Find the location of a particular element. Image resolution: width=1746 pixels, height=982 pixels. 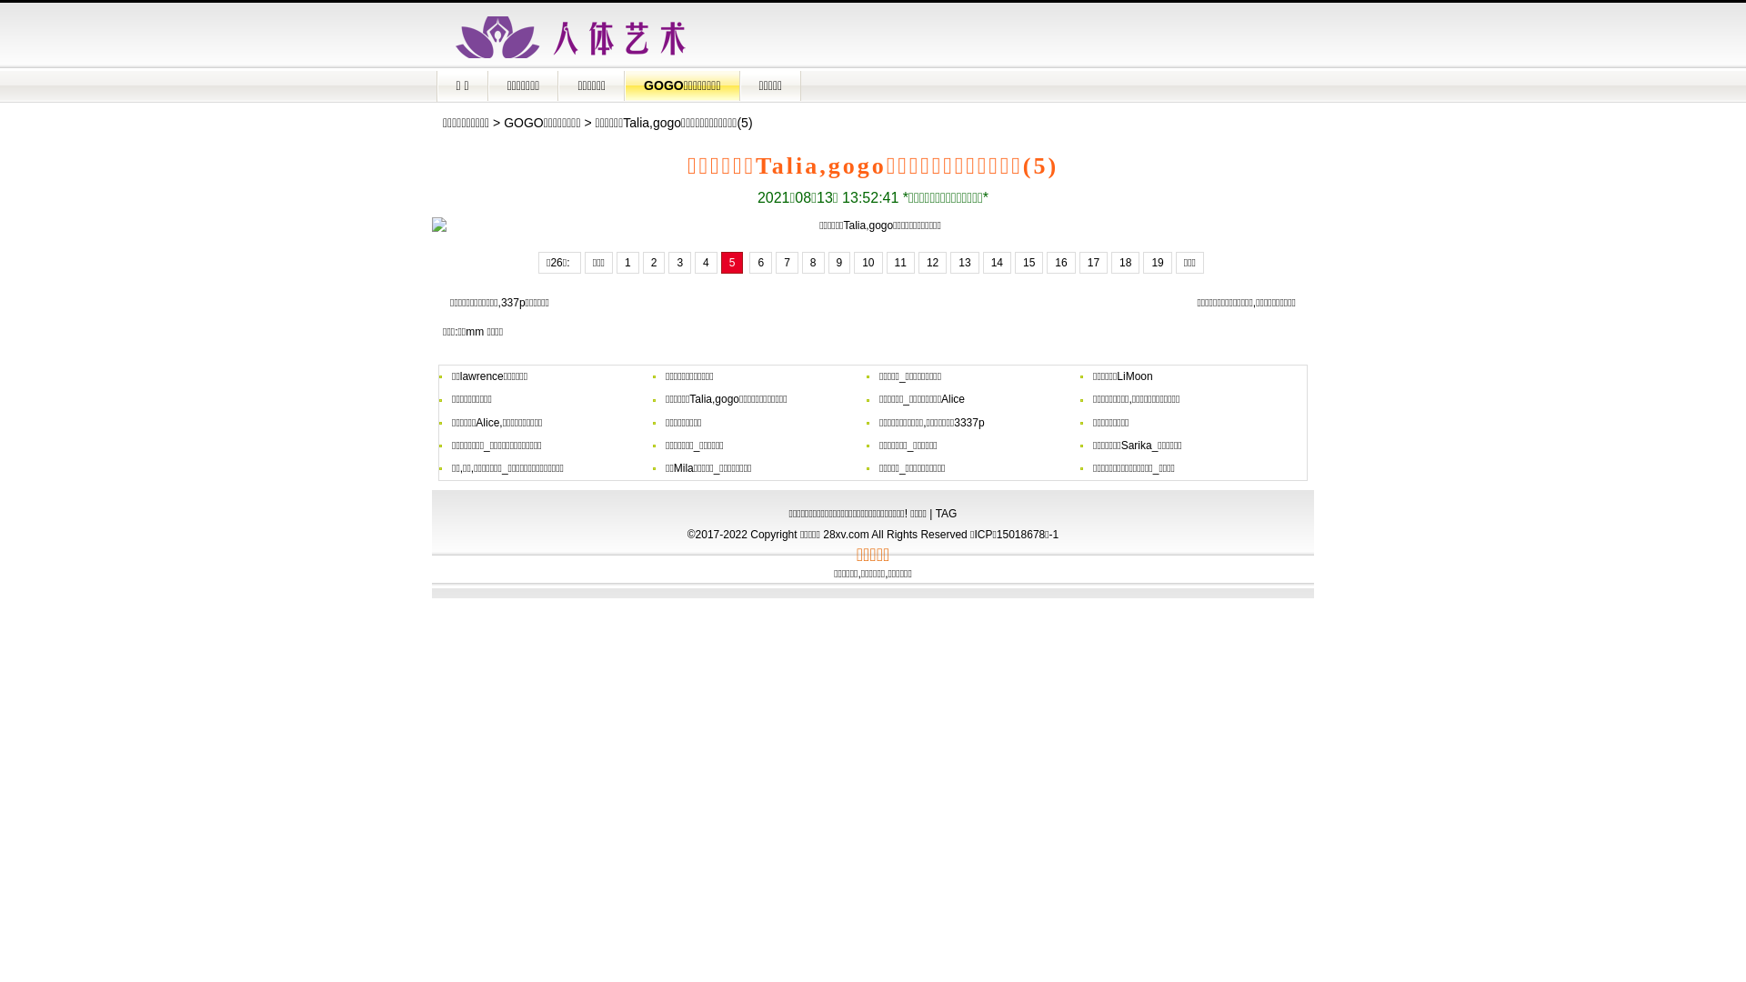

'15' is located at coordinates (1029, 263).